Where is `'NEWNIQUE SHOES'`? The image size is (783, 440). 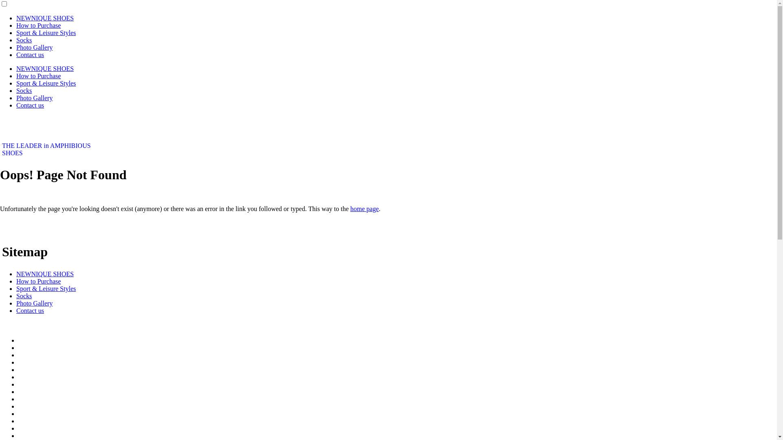
'NEWNIQUE SHOES' is located at coordinates (44, 68).